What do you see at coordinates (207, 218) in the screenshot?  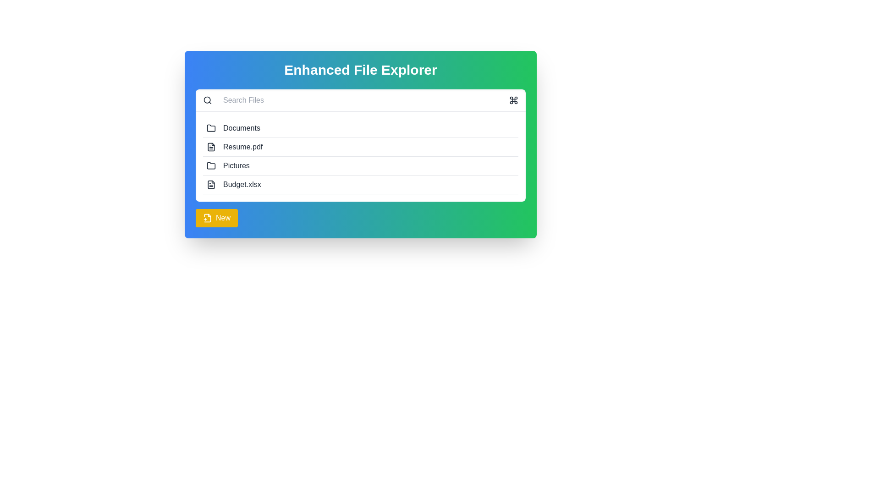 I see `the line-drawn document icon with a plus symbol located within the 'New' button, which has a yellow background and is positioned on the lower-left part of the panel` at bounding box center [207, 218].